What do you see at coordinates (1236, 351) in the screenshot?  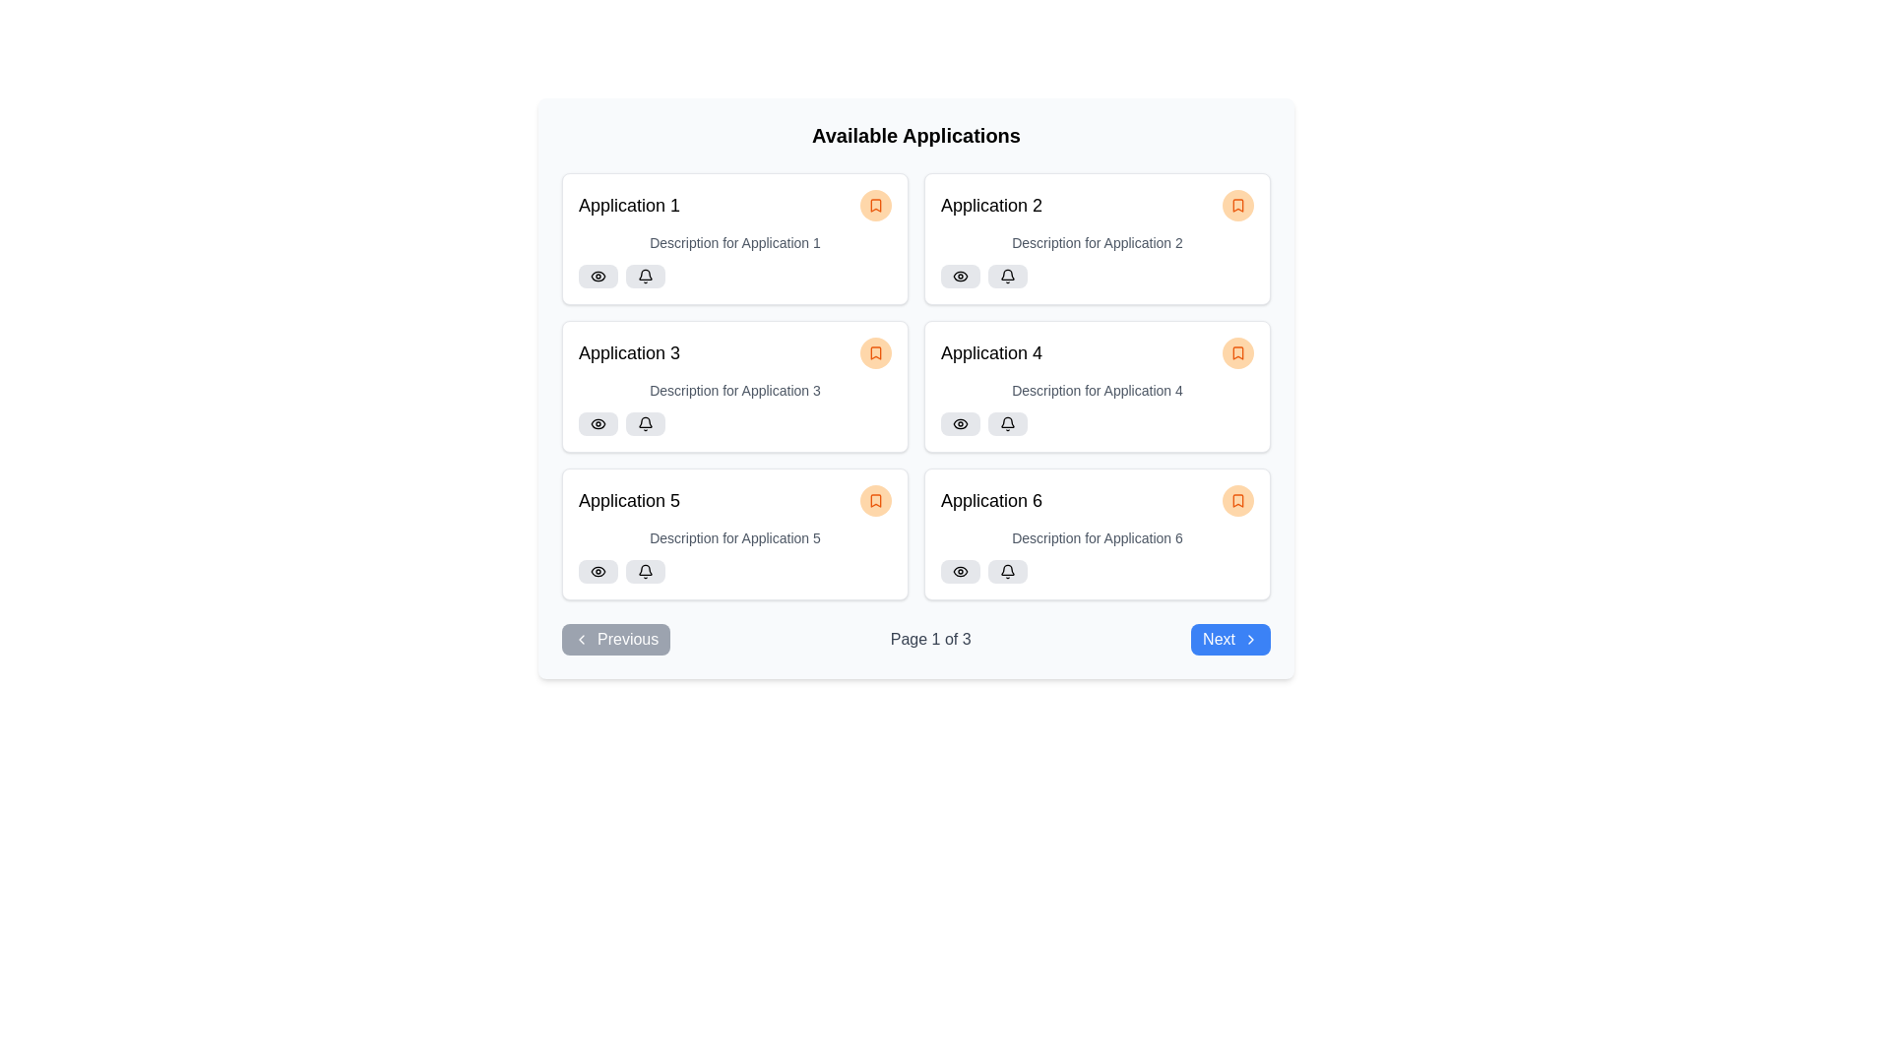 I see `the bookmark button located to the right of the title text 'Application 4'` at bounding box center [1236, 351].